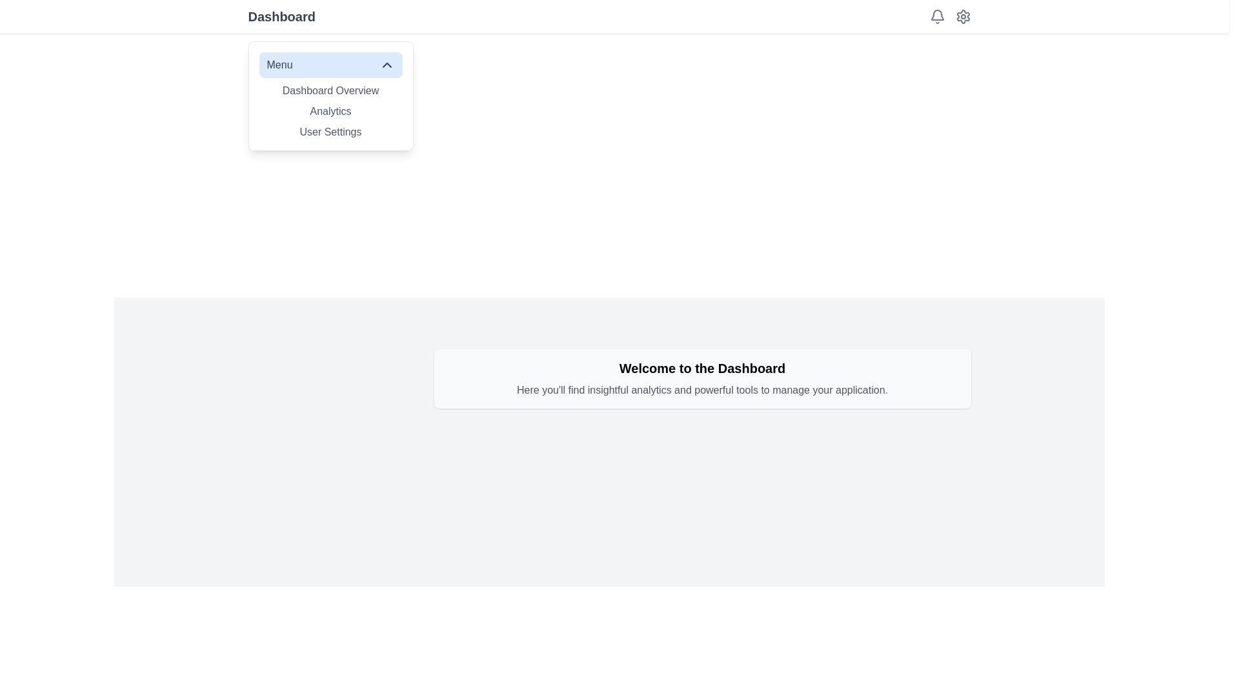 The image size is (1239, 697). I want to click on the 'User Settings' text menu item, which is the third option in the dropdown menu, so click(330, 132).